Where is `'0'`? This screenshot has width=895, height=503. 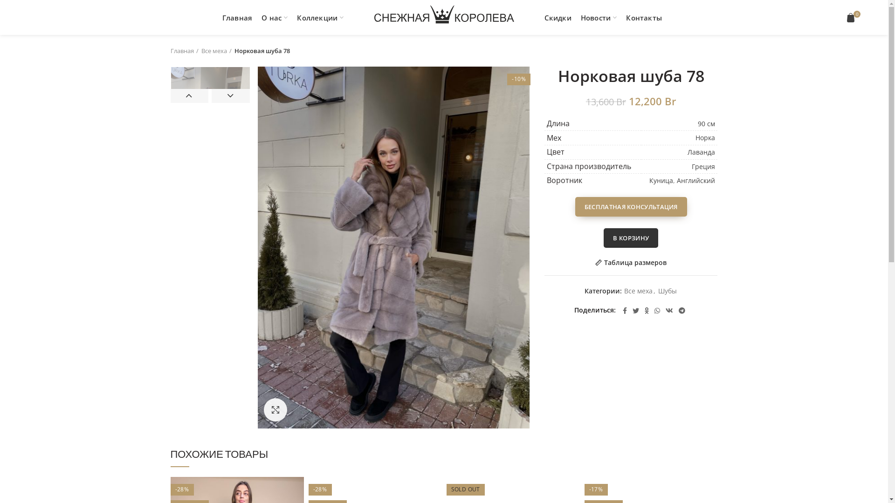
'0' is located at coordinates (852, 18).